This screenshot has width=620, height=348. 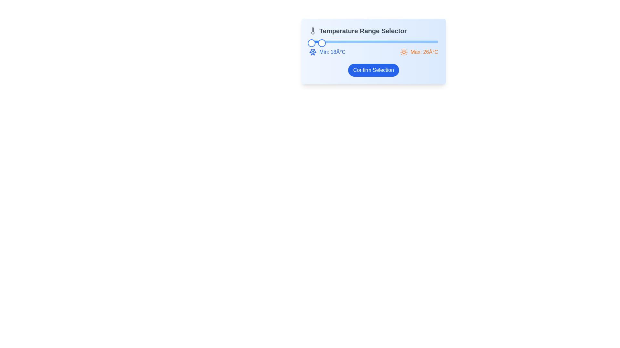 What do you see at coordinates (327, 52) in the screenshot?
I see `the Label displaying 'Min: 18°C' with a blue snowflake icon, located next to the blue progress bar and aligned with 'Max: 26°C'` at bounding box center [327, 52].